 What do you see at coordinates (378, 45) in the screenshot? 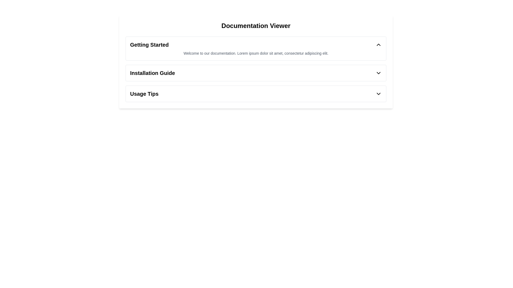
I see `the Chevron icon in the header of the 'Getting Started' accordion section` at bounding box center [378, 45].